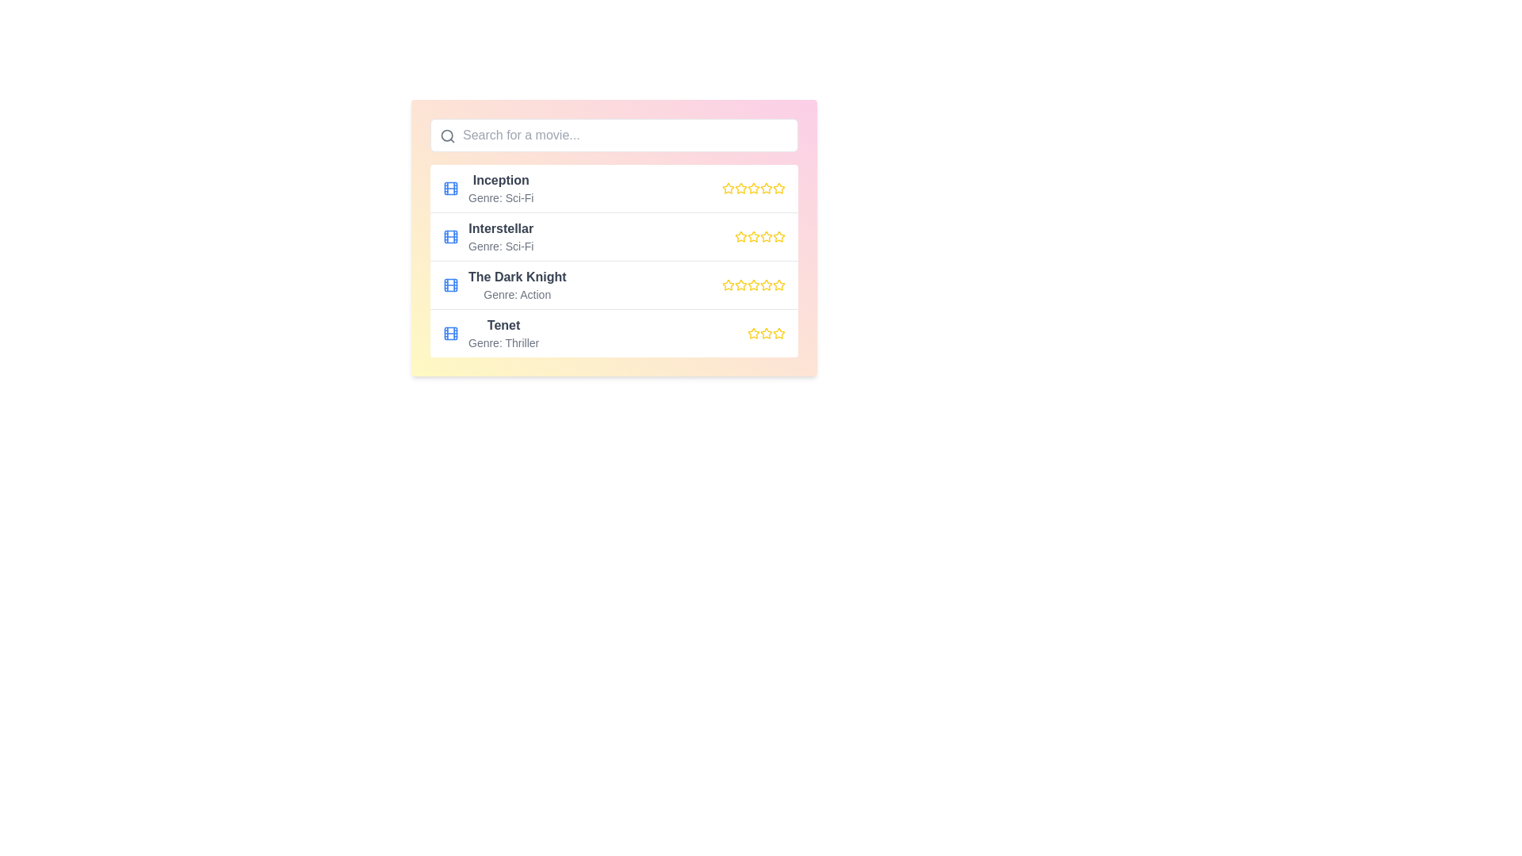  Describe the element at coordinates (740, 236) in the screenshot. I see `the second star in the rating row for the movie 'Interstellar'` at that location.